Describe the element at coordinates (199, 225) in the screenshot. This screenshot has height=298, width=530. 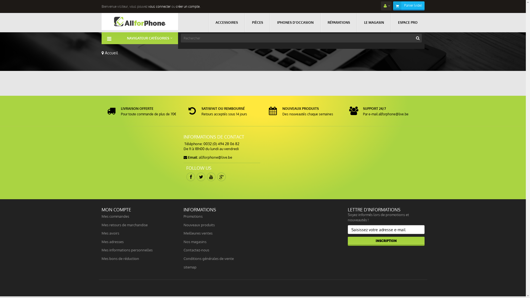
I see `'Nouveaux produits'` at that location.